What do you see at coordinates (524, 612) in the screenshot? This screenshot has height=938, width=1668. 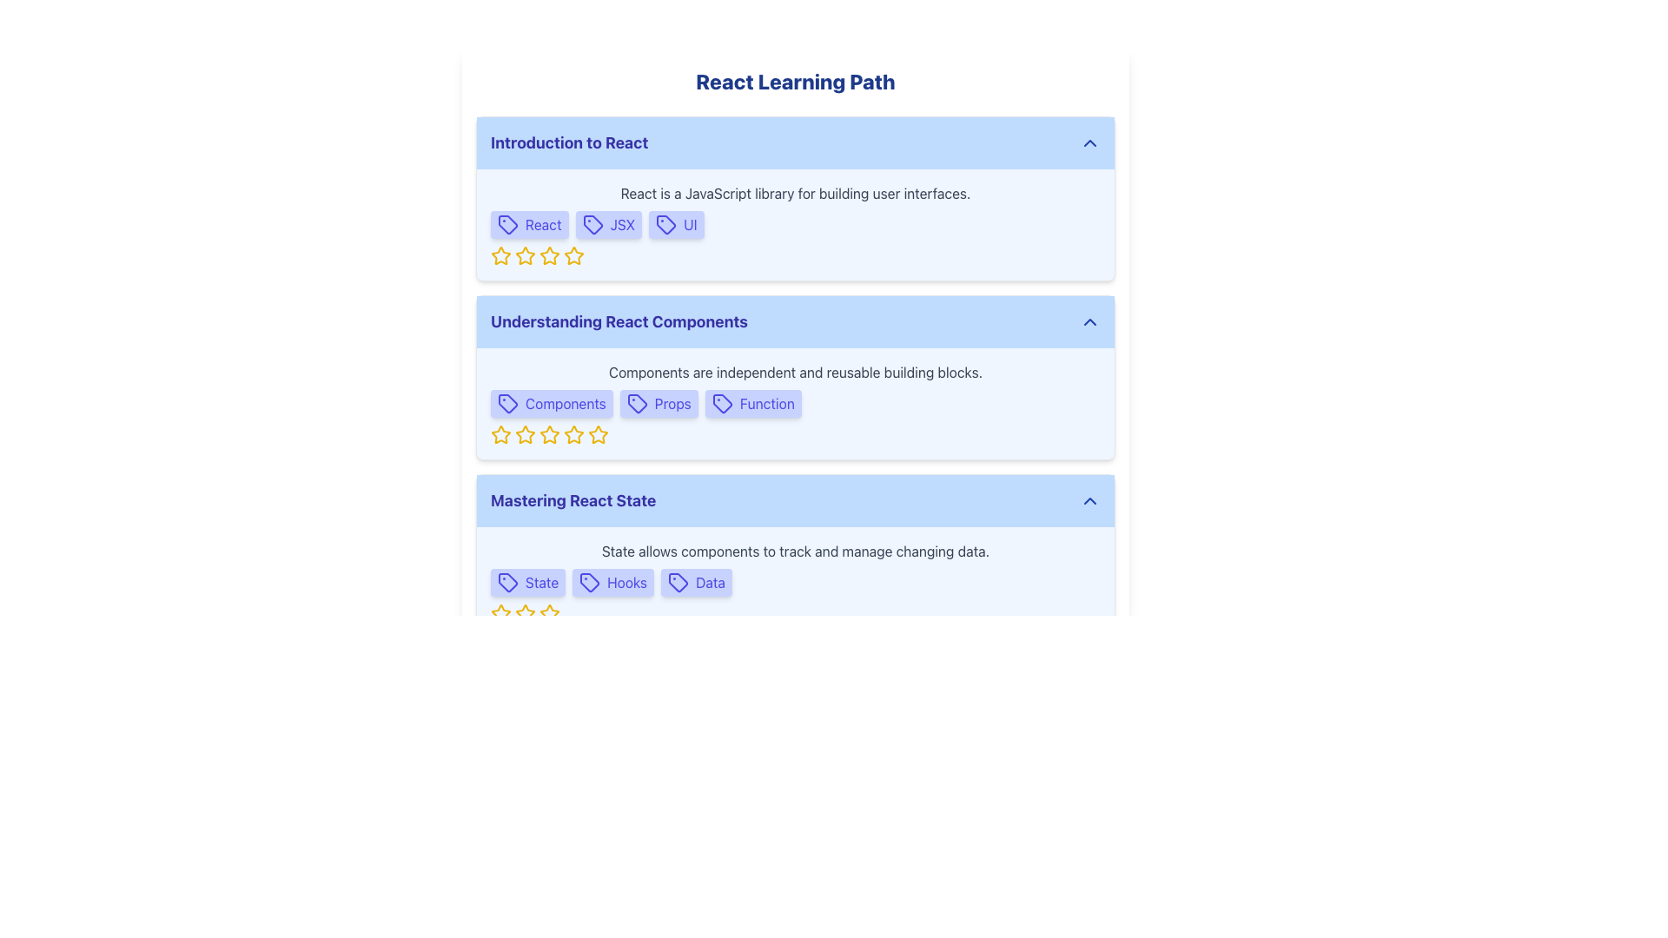 I see `the third star icon used for rating` at bounding box center [524, 612].